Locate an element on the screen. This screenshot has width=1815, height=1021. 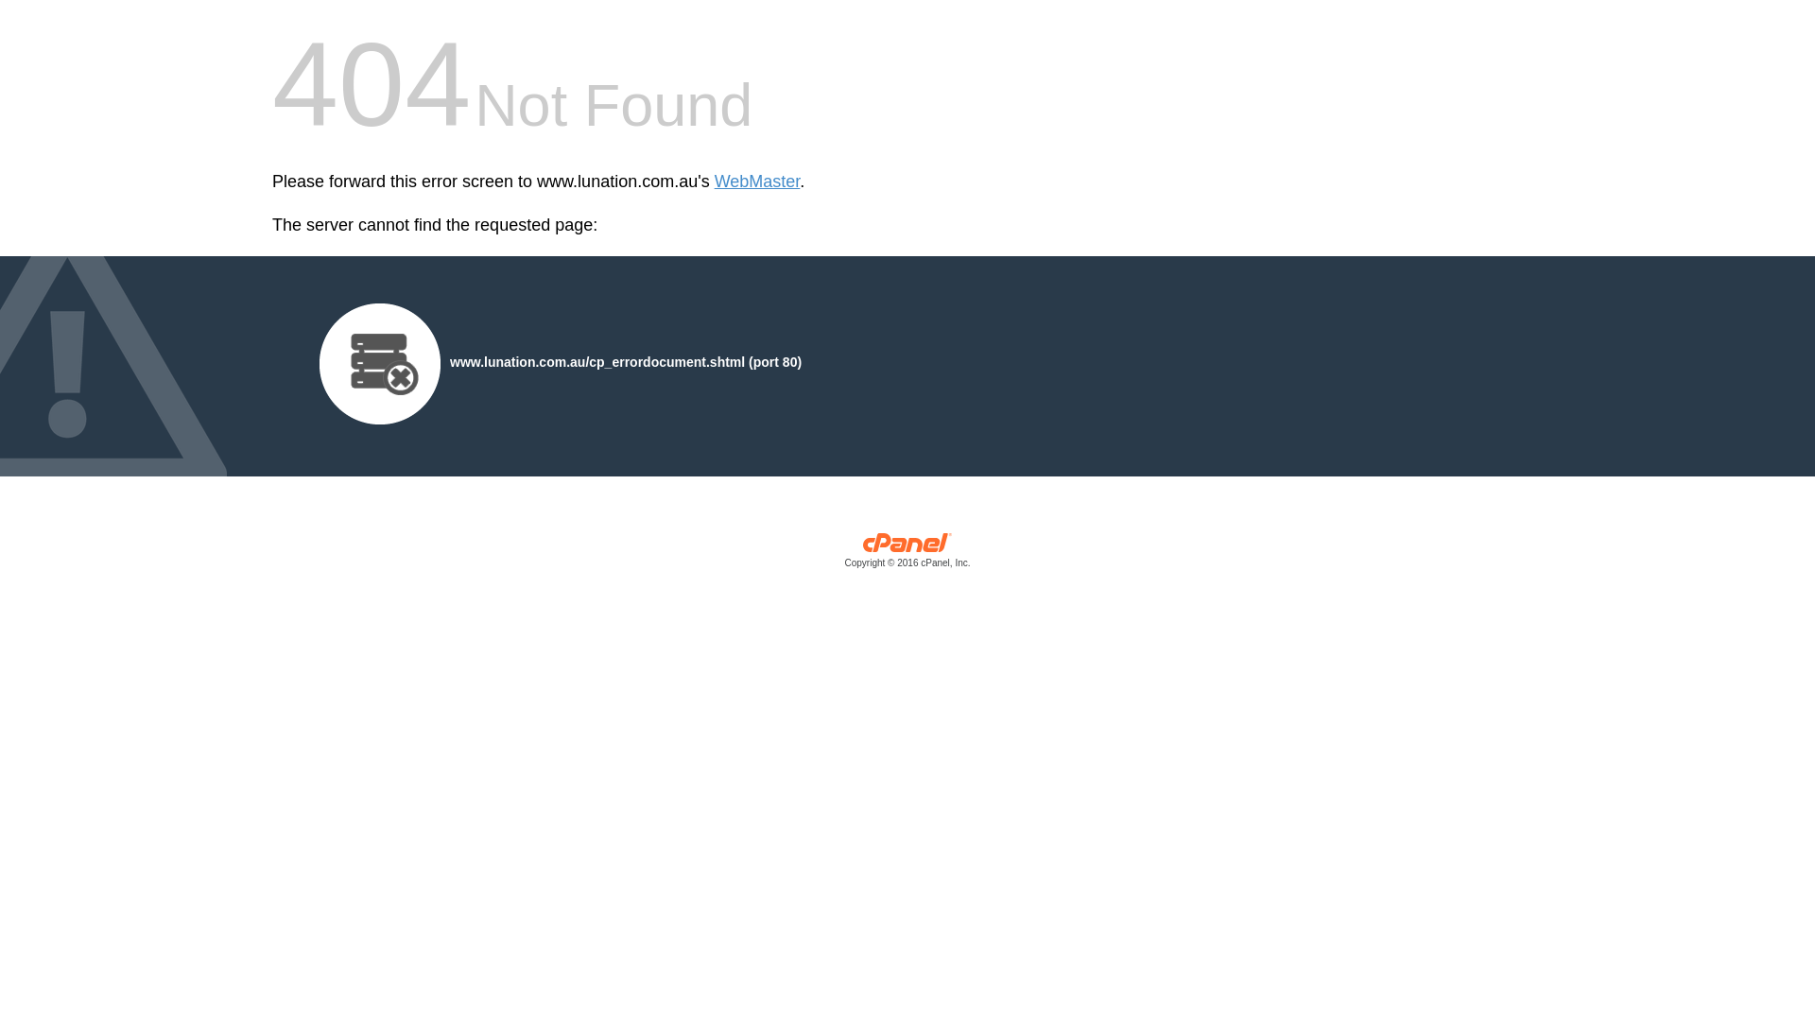
'WebMaster' is located at coordinates (757, 182).